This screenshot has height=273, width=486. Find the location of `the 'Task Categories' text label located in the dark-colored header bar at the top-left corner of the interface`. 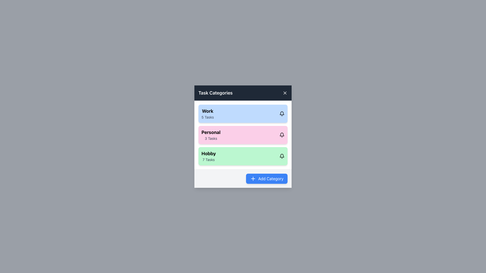

the 'Task Categories' text label located in the dark-colored header bar at the top-left corner of the interface is located at coordinates (215, 93).